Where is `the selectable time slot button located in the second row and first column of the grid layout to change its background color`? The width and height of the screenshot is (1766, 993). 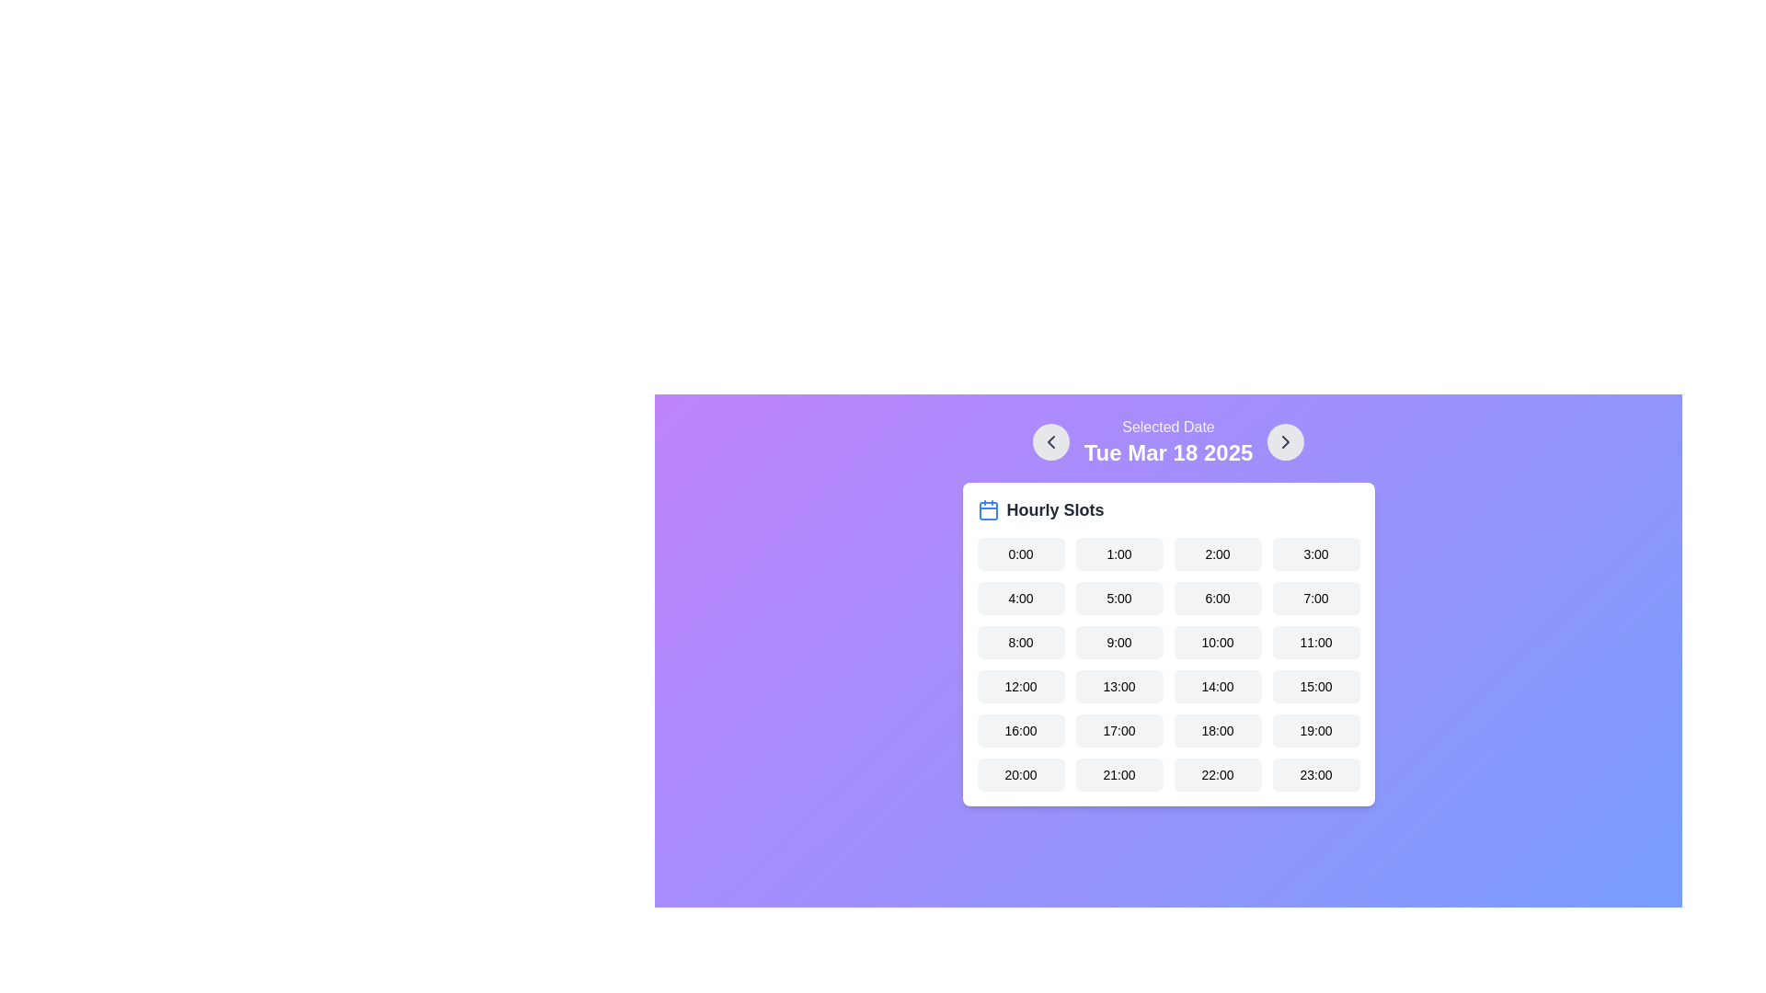
the selectable time slot button located in the second row and first column of the grid layout to change its background color is located at coordinates (1019, 599).